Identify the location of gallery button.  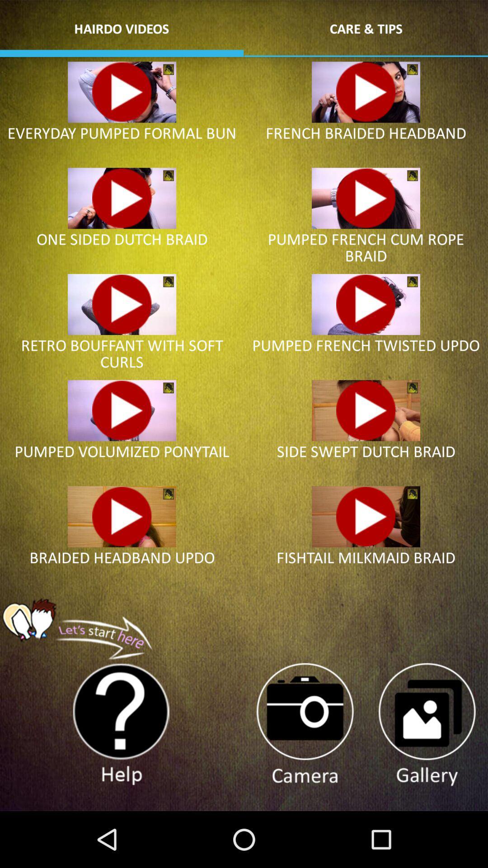
(427, 725).